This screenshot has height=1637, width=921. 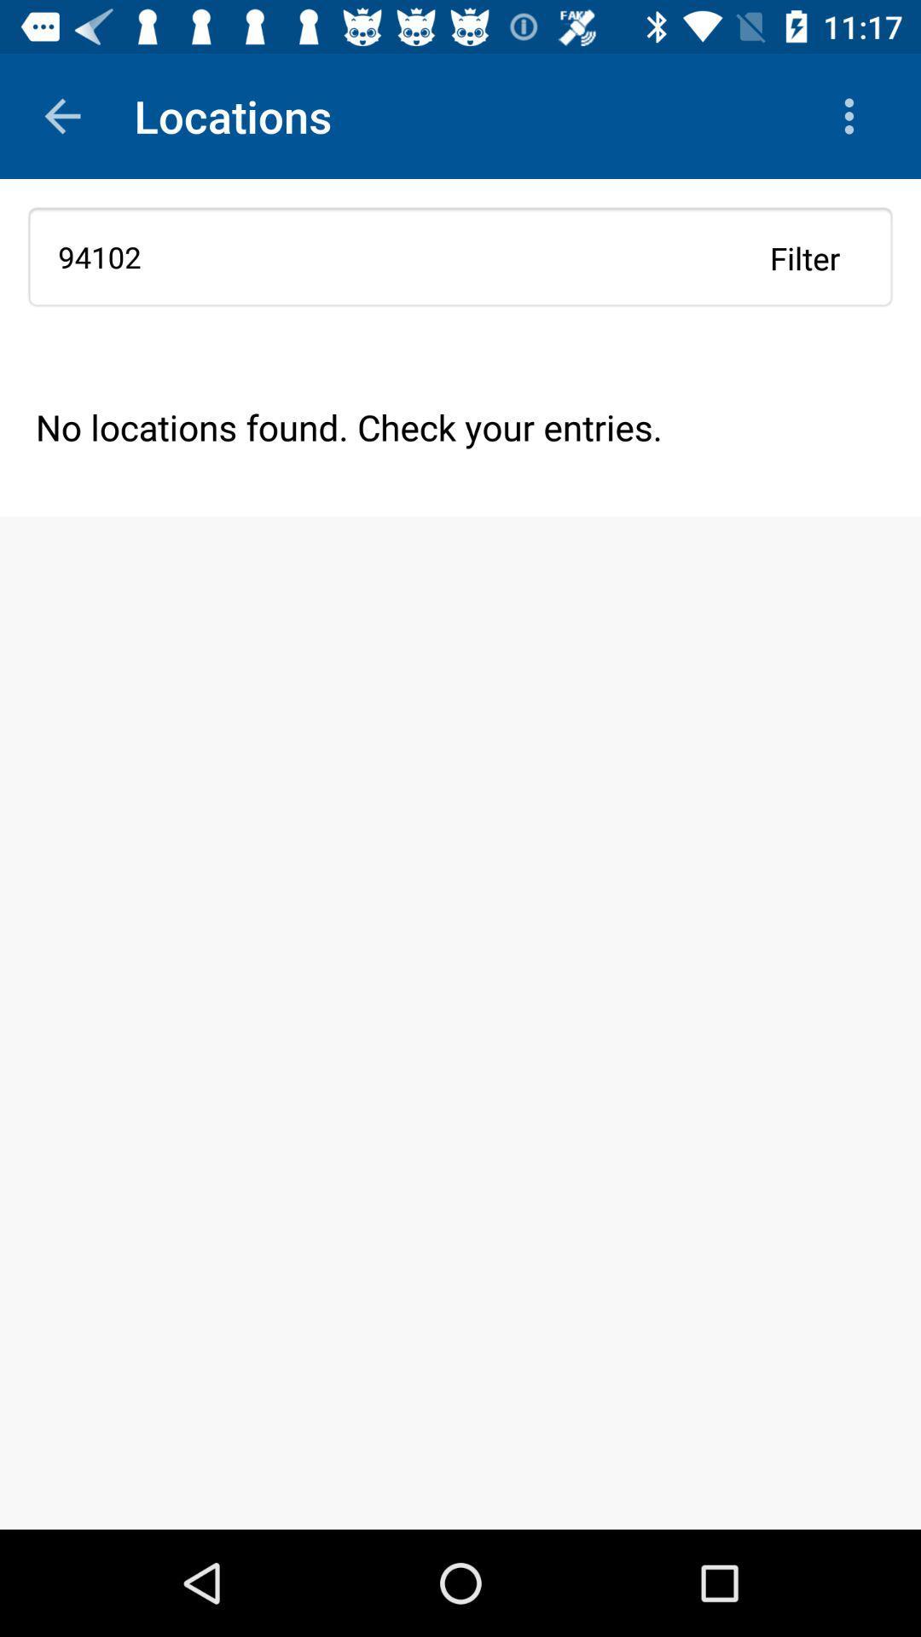 I want to click on the app to the right of the locations app, so click(x=854, y=115).